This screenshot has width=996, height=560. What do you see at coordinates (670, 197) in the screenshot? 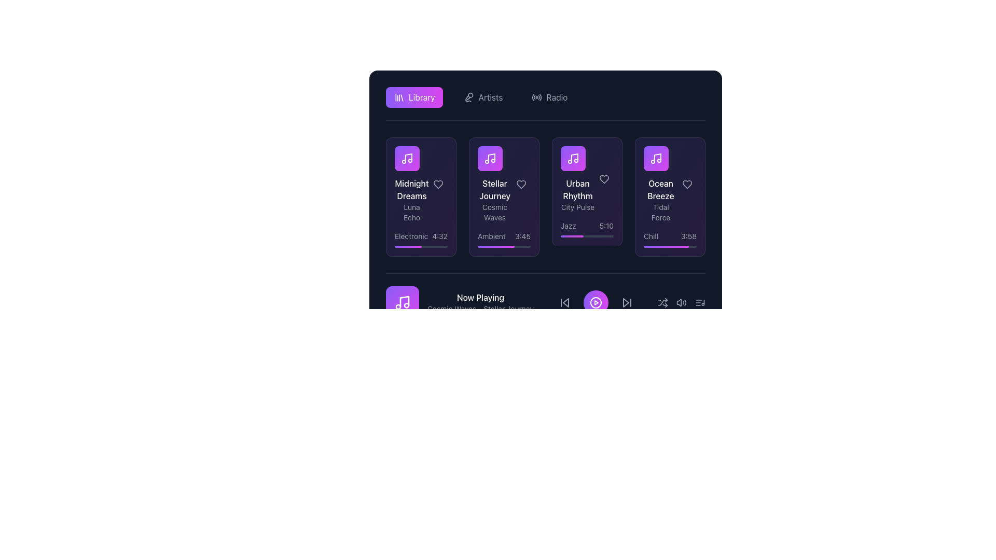
I see `the Music card titled 'Ocean Breeze' with a gradient background that includes a music note icon, located` at bounding box center [670, 197].